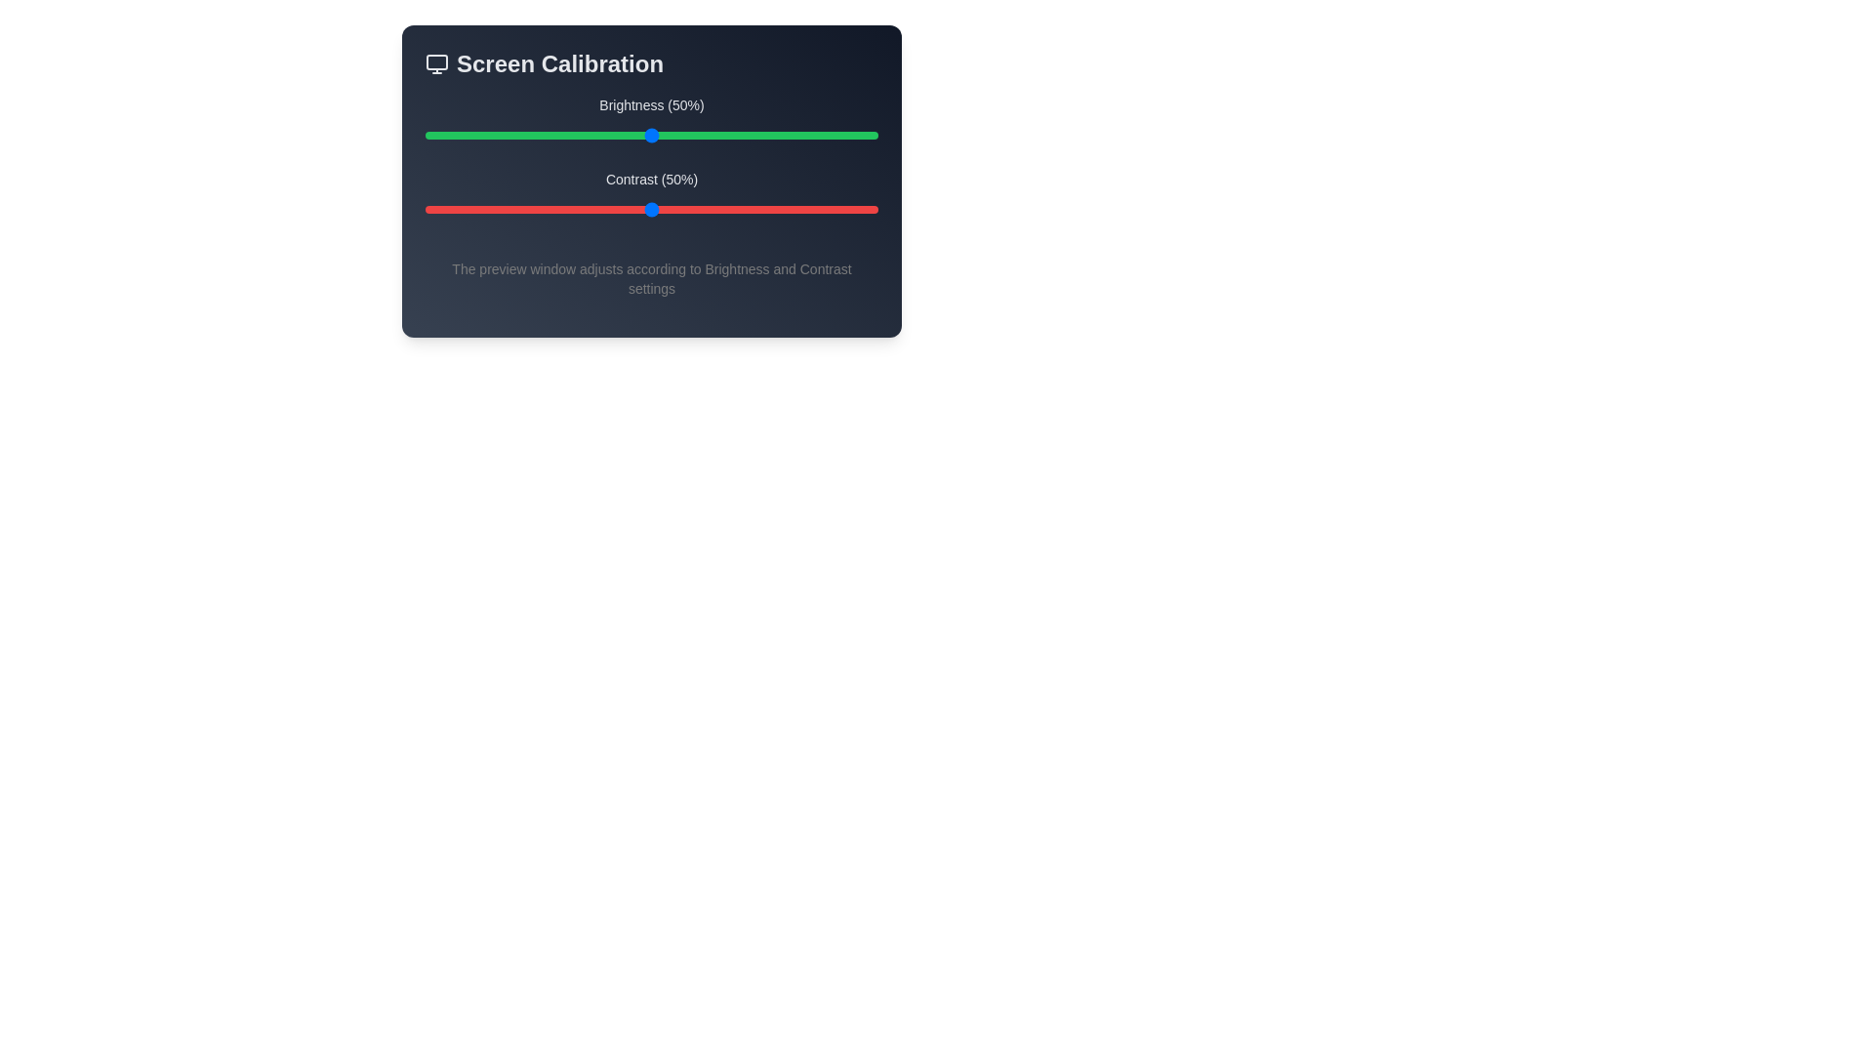 Image resolution: width=1874 pixels, height=1054 pixels. What do you see at coordinates (534, 210) in the screenshot?
I see `the contrast slider to 24%` at bounding box center [534, 210].